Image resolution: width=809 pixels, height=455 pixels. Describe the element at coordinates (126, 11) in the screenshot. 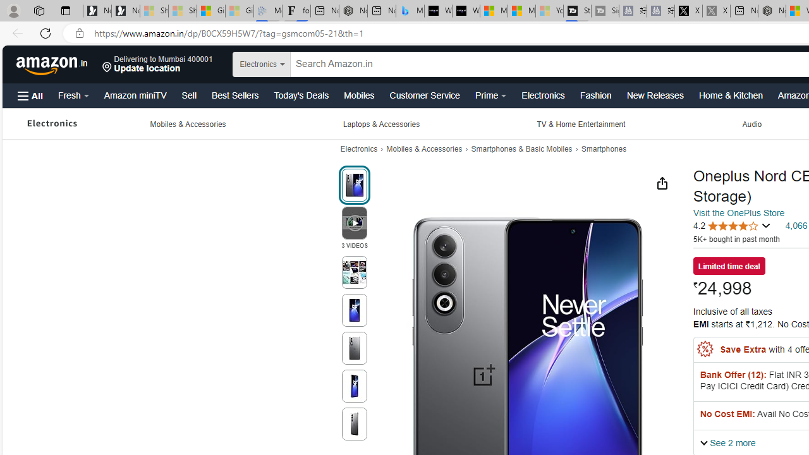

I see `'Newsletter Sign Up'` at that location.